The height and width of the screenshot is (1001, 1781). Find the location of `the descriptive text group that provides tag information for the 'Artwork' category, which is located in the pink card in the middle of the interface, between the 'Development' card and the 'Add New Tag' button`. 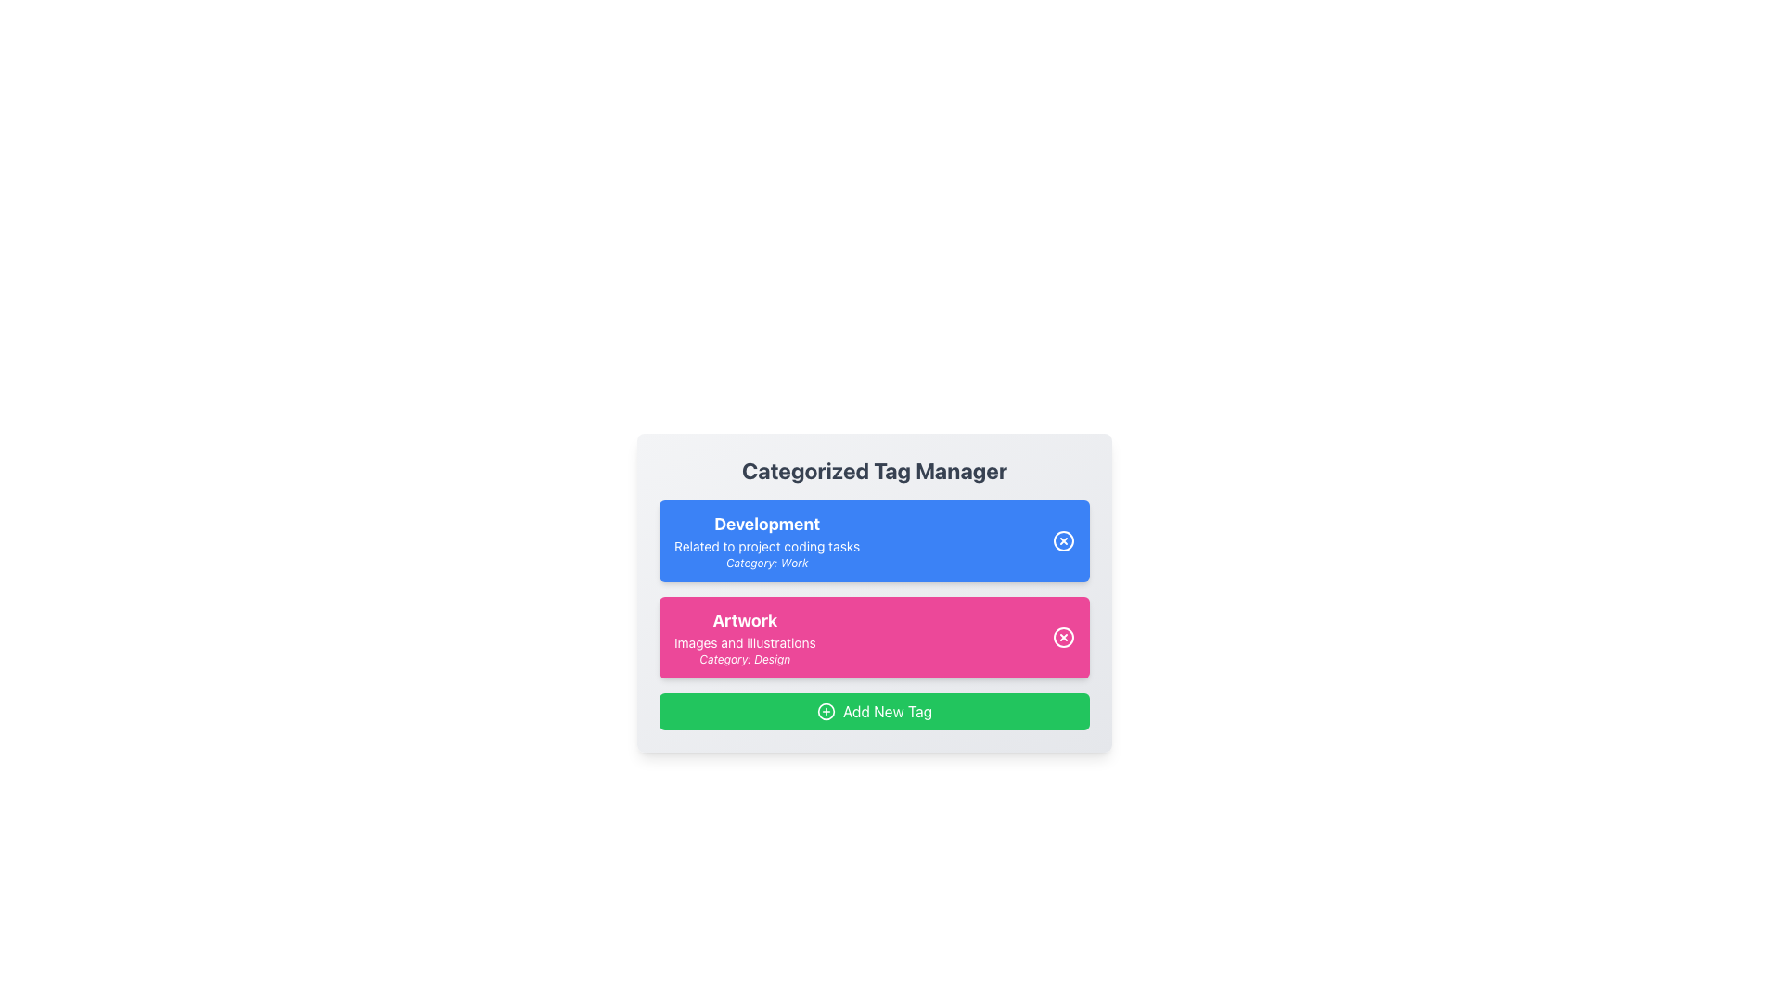

the descriptive text group that provides tag information for the 'Artwork' category, which is located in the pink card in the middle of the interface, between the 'Development' card and the 'Add New Tag' button is located at coordinates (745, 636).